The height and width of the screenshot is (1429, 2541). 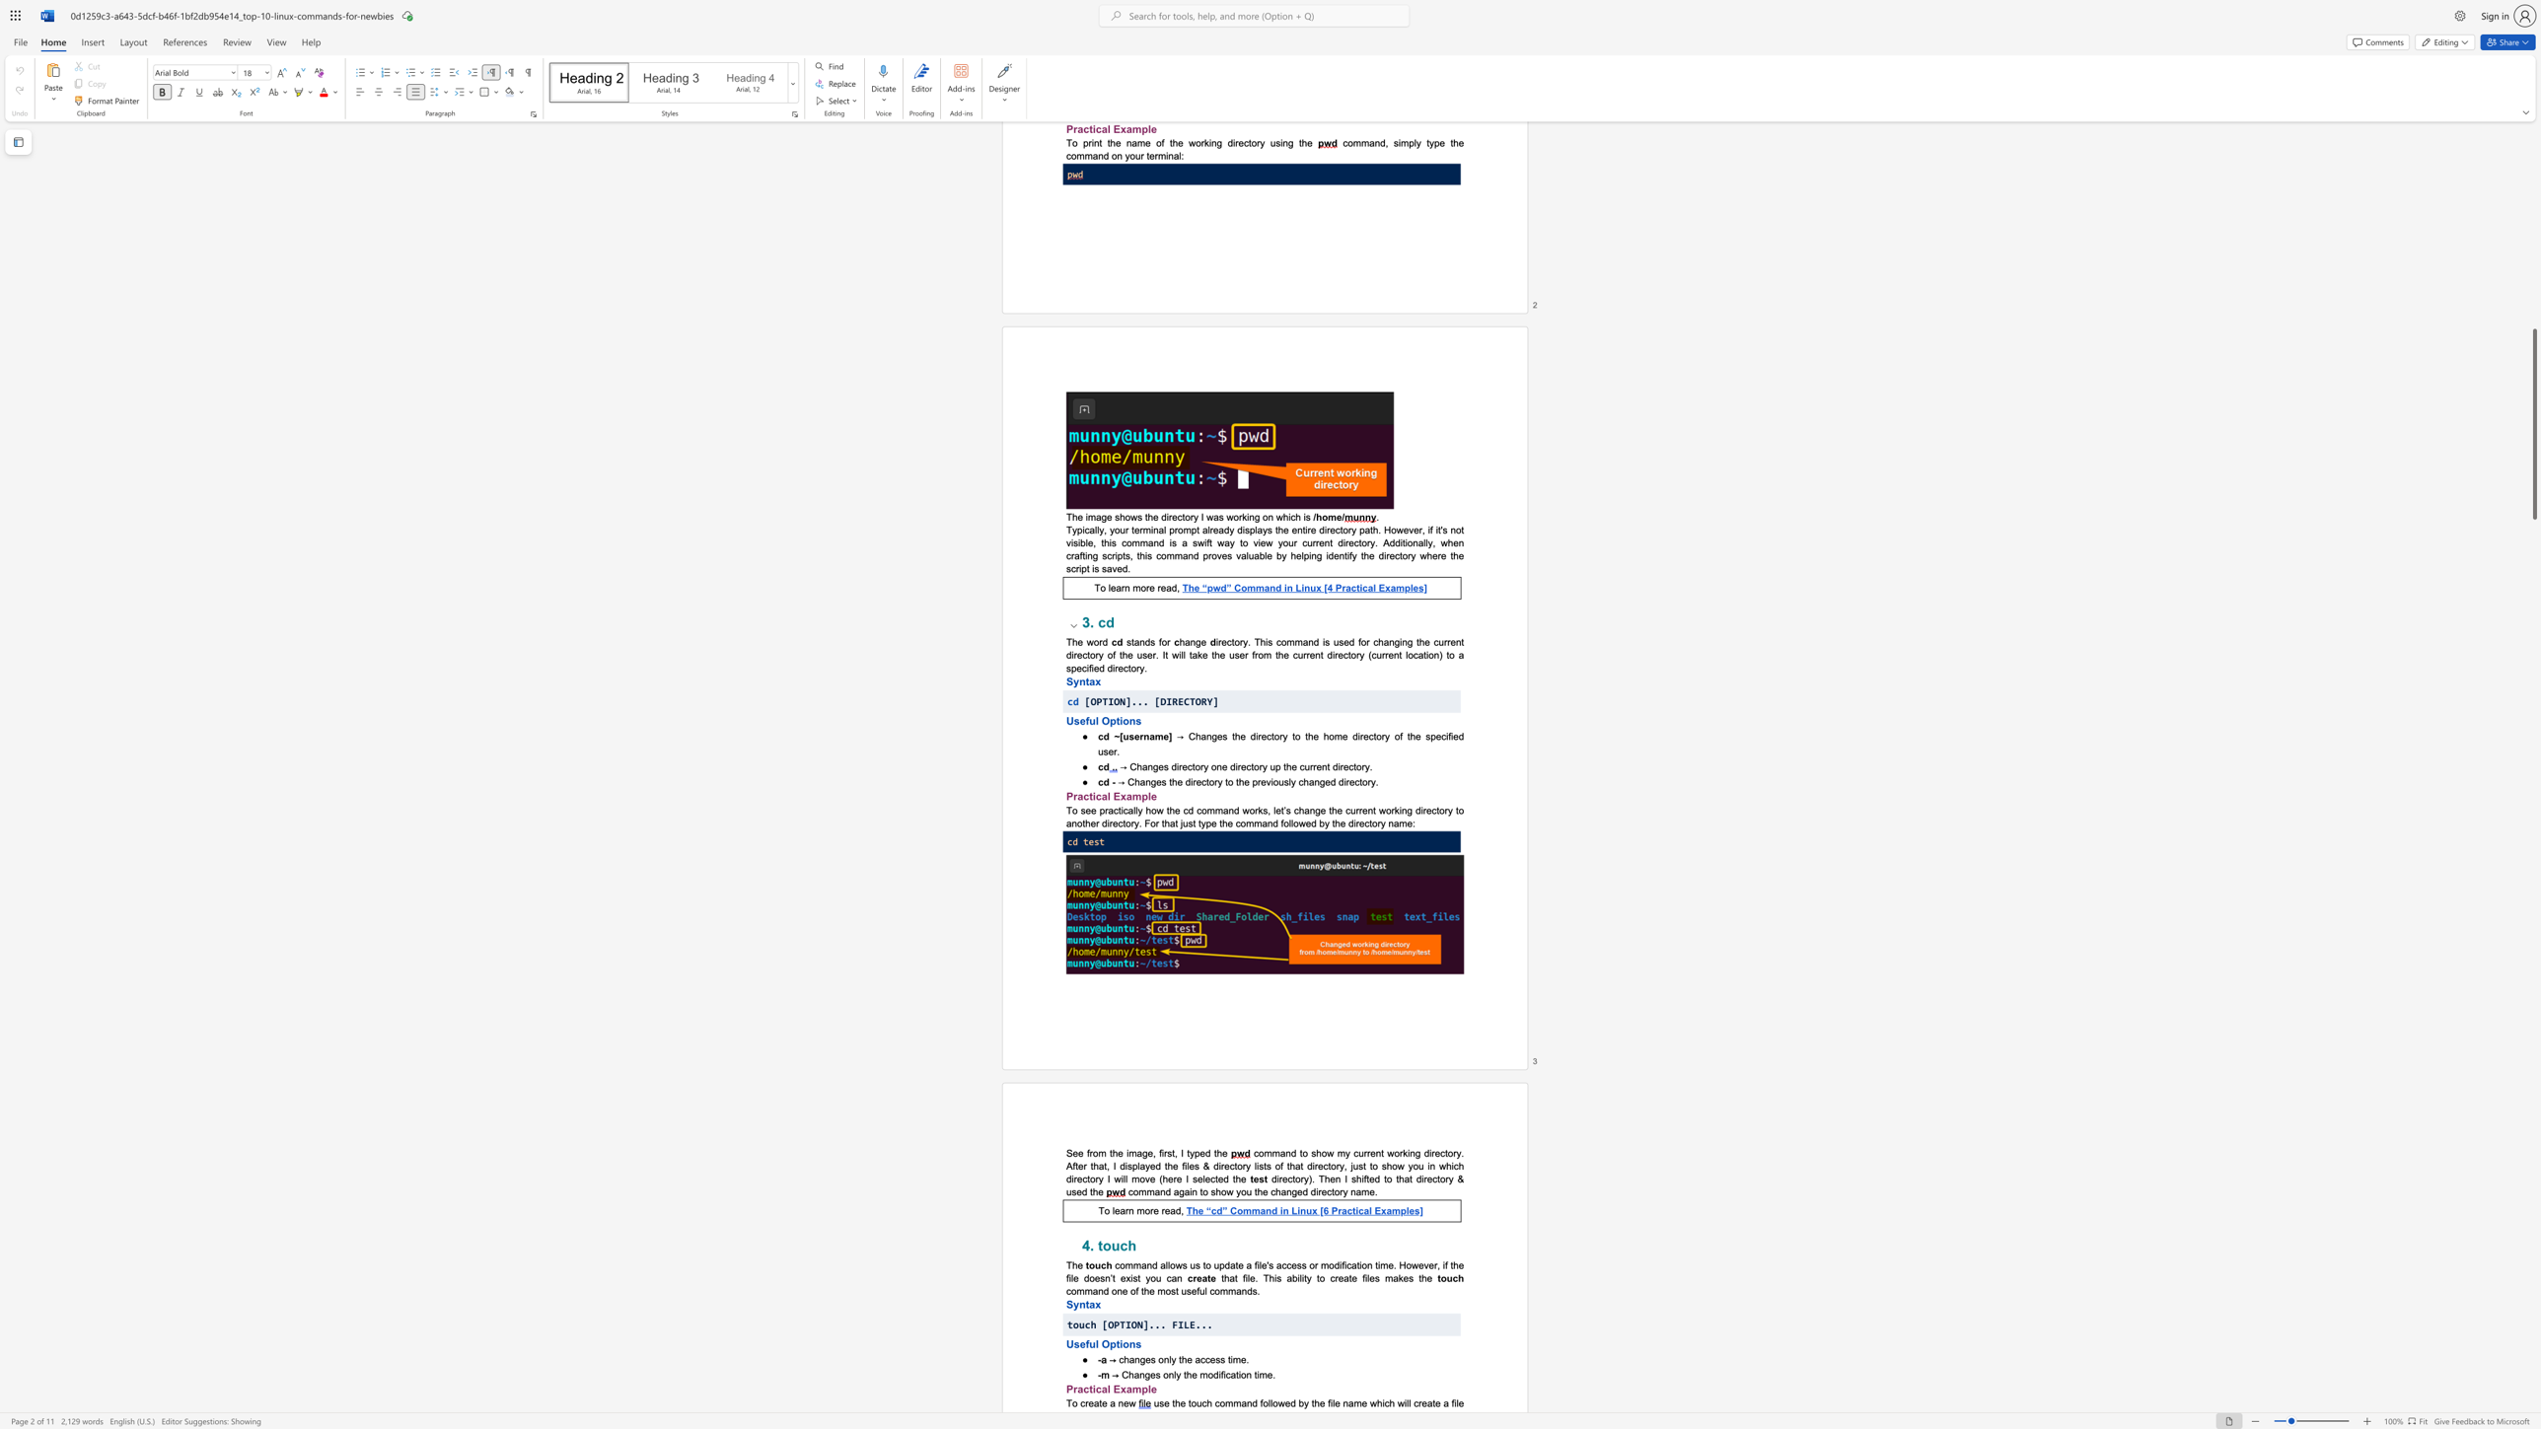 What do you see at coordinates (1080, 795) in the screenshot?
I see `the 1th character "a" in the text` at bounding box center [1080, 795].